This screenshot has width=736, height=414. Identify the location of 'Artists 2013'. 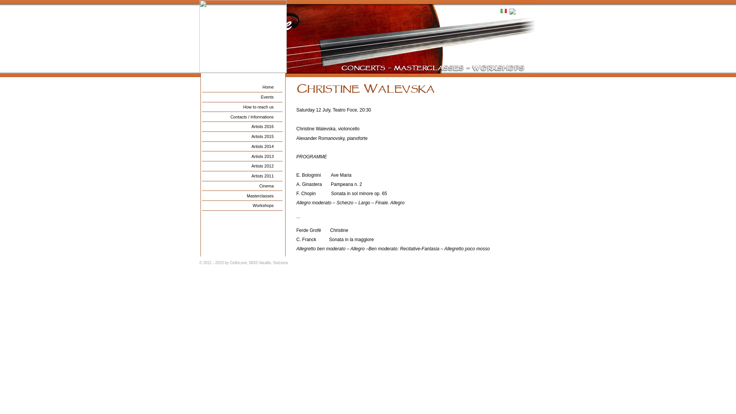
(242, 156).